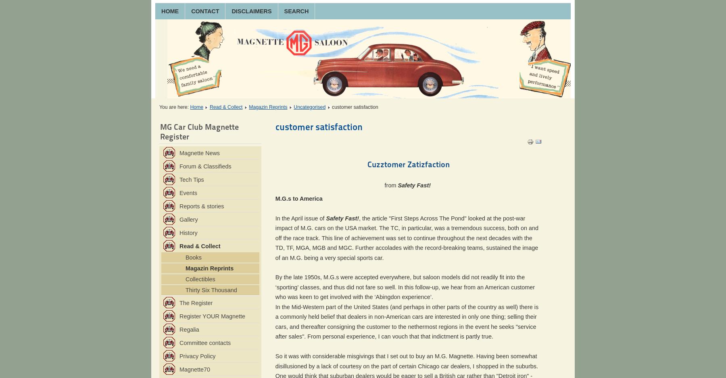  Describe the element at coordinates (298, 198) in the screenshot. I see `'M.G.s to America'` at that location.